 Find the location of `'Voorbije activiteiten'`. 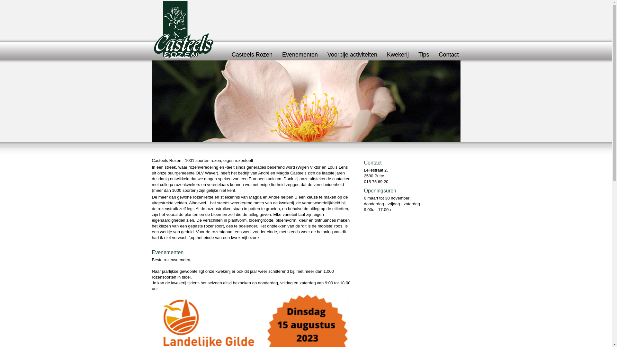

'Voorbije activiteiten' is located at coordinates (352, 54).